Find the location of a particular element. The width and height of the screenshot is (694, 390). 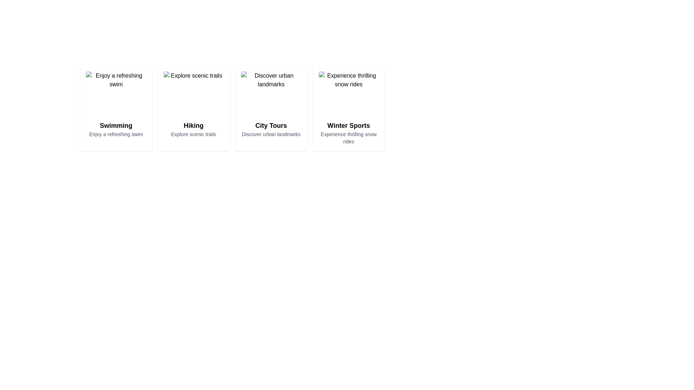

the image that represents swimming, located in the top section of the first card in a horizontally aligned grid, above the title 'Swimming' is located at coordinates (116, 94).